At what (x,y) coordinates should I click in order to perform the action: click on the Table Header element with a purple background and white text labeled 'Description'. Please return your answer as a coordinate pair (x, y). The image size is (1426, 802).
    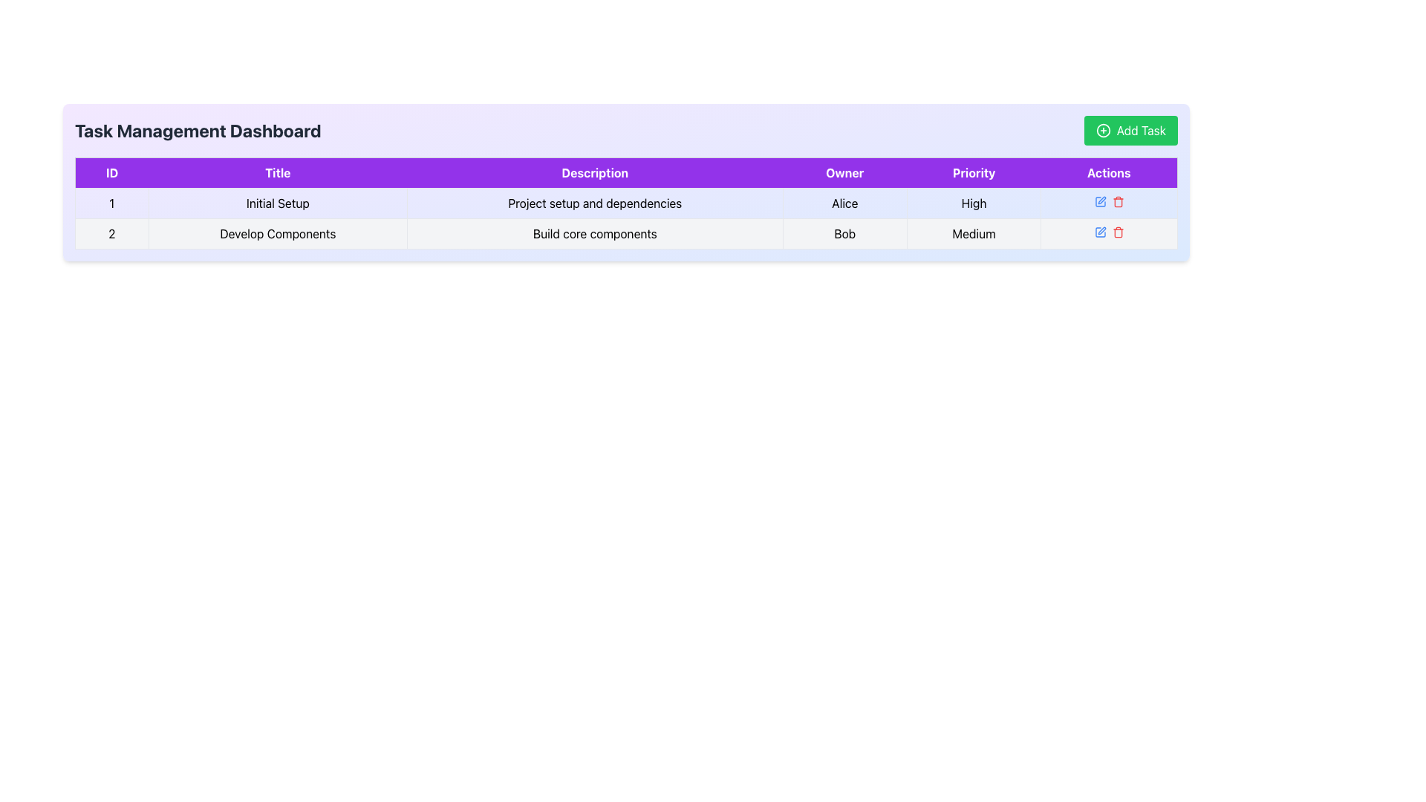
    Looking at the image, I should click on (595, 172).